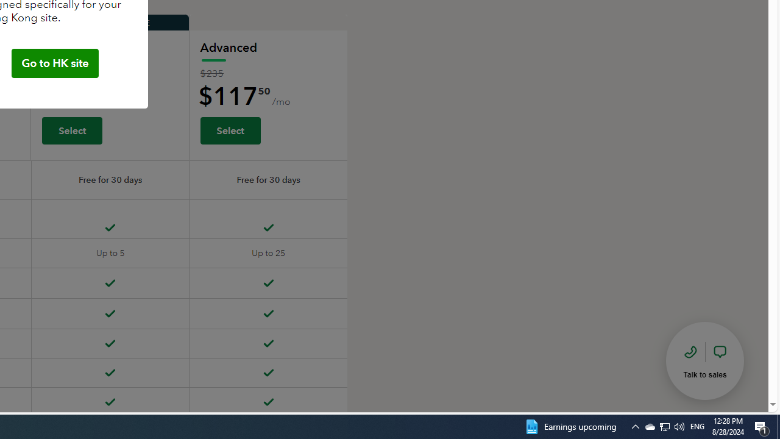 The height and width of the screenshot is (439, 780). What do you see at coordinates (705, 360) in the screenshot?
I see `'talk to sales'` at bounding box center [705, 360].